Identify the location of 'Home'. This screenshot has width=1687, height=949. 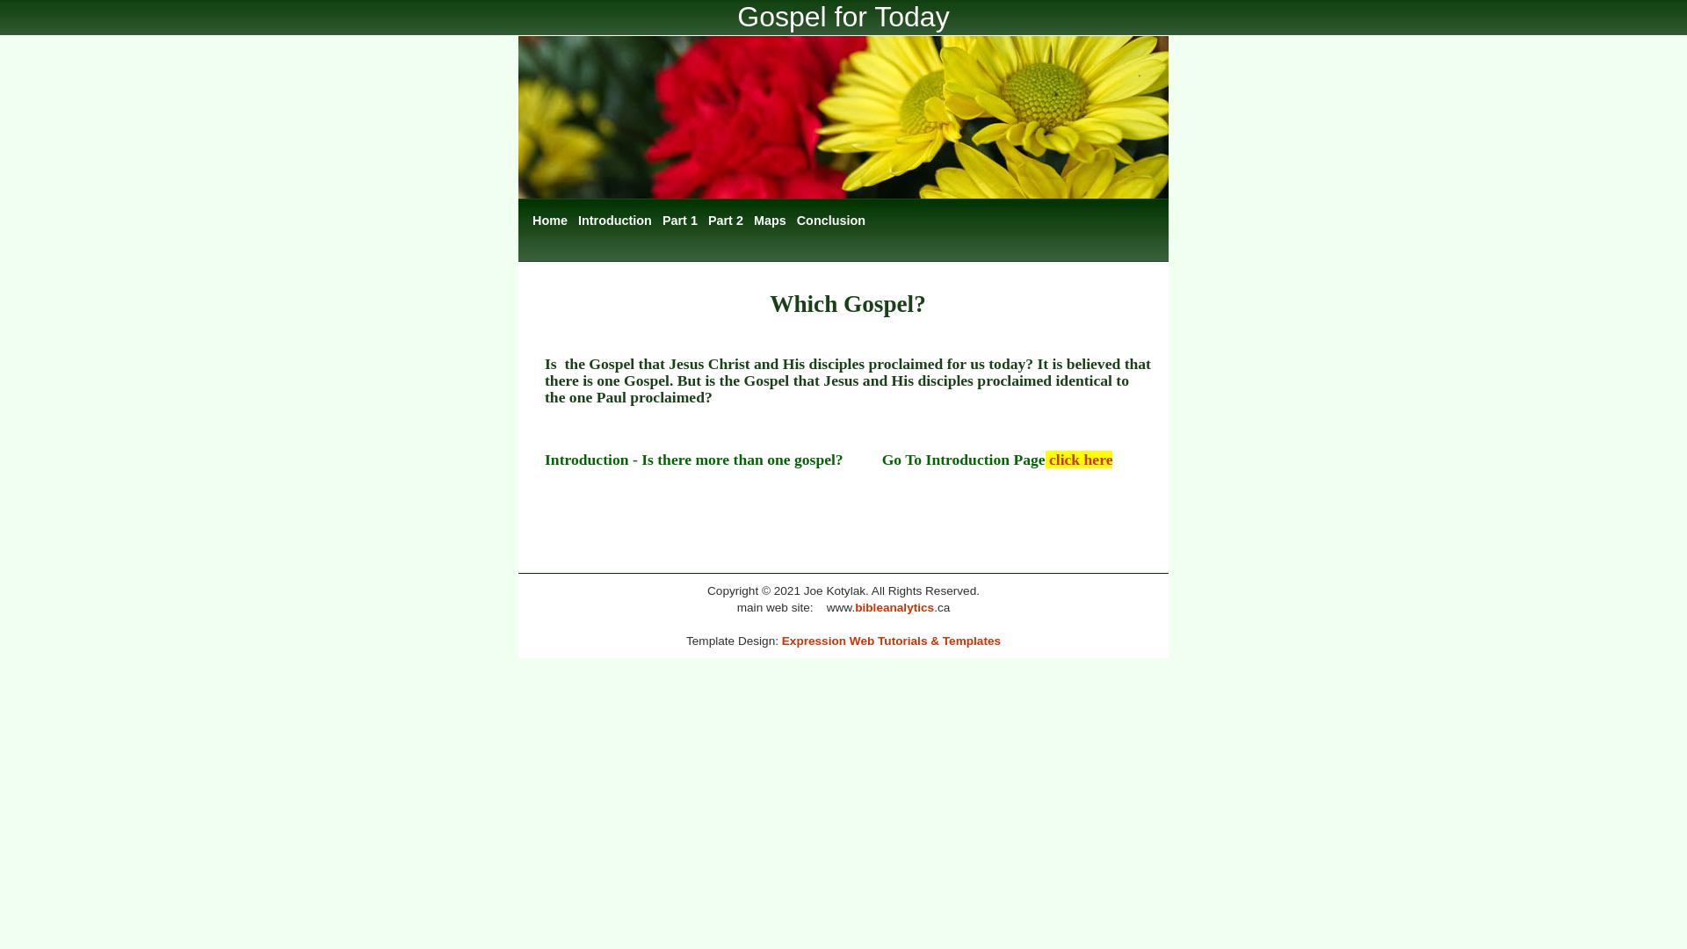
(548, 220).